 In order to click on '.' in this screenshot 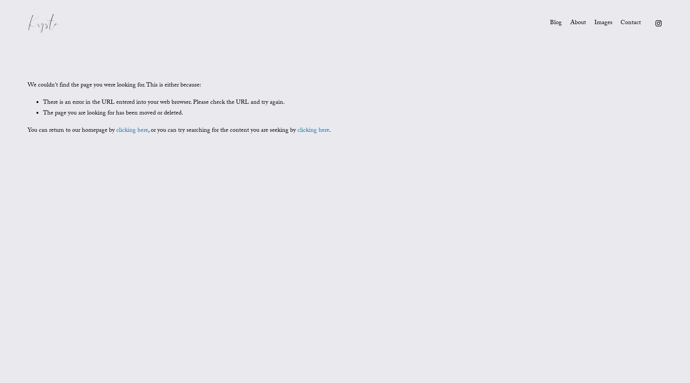, I will do `click(330, 130)`.